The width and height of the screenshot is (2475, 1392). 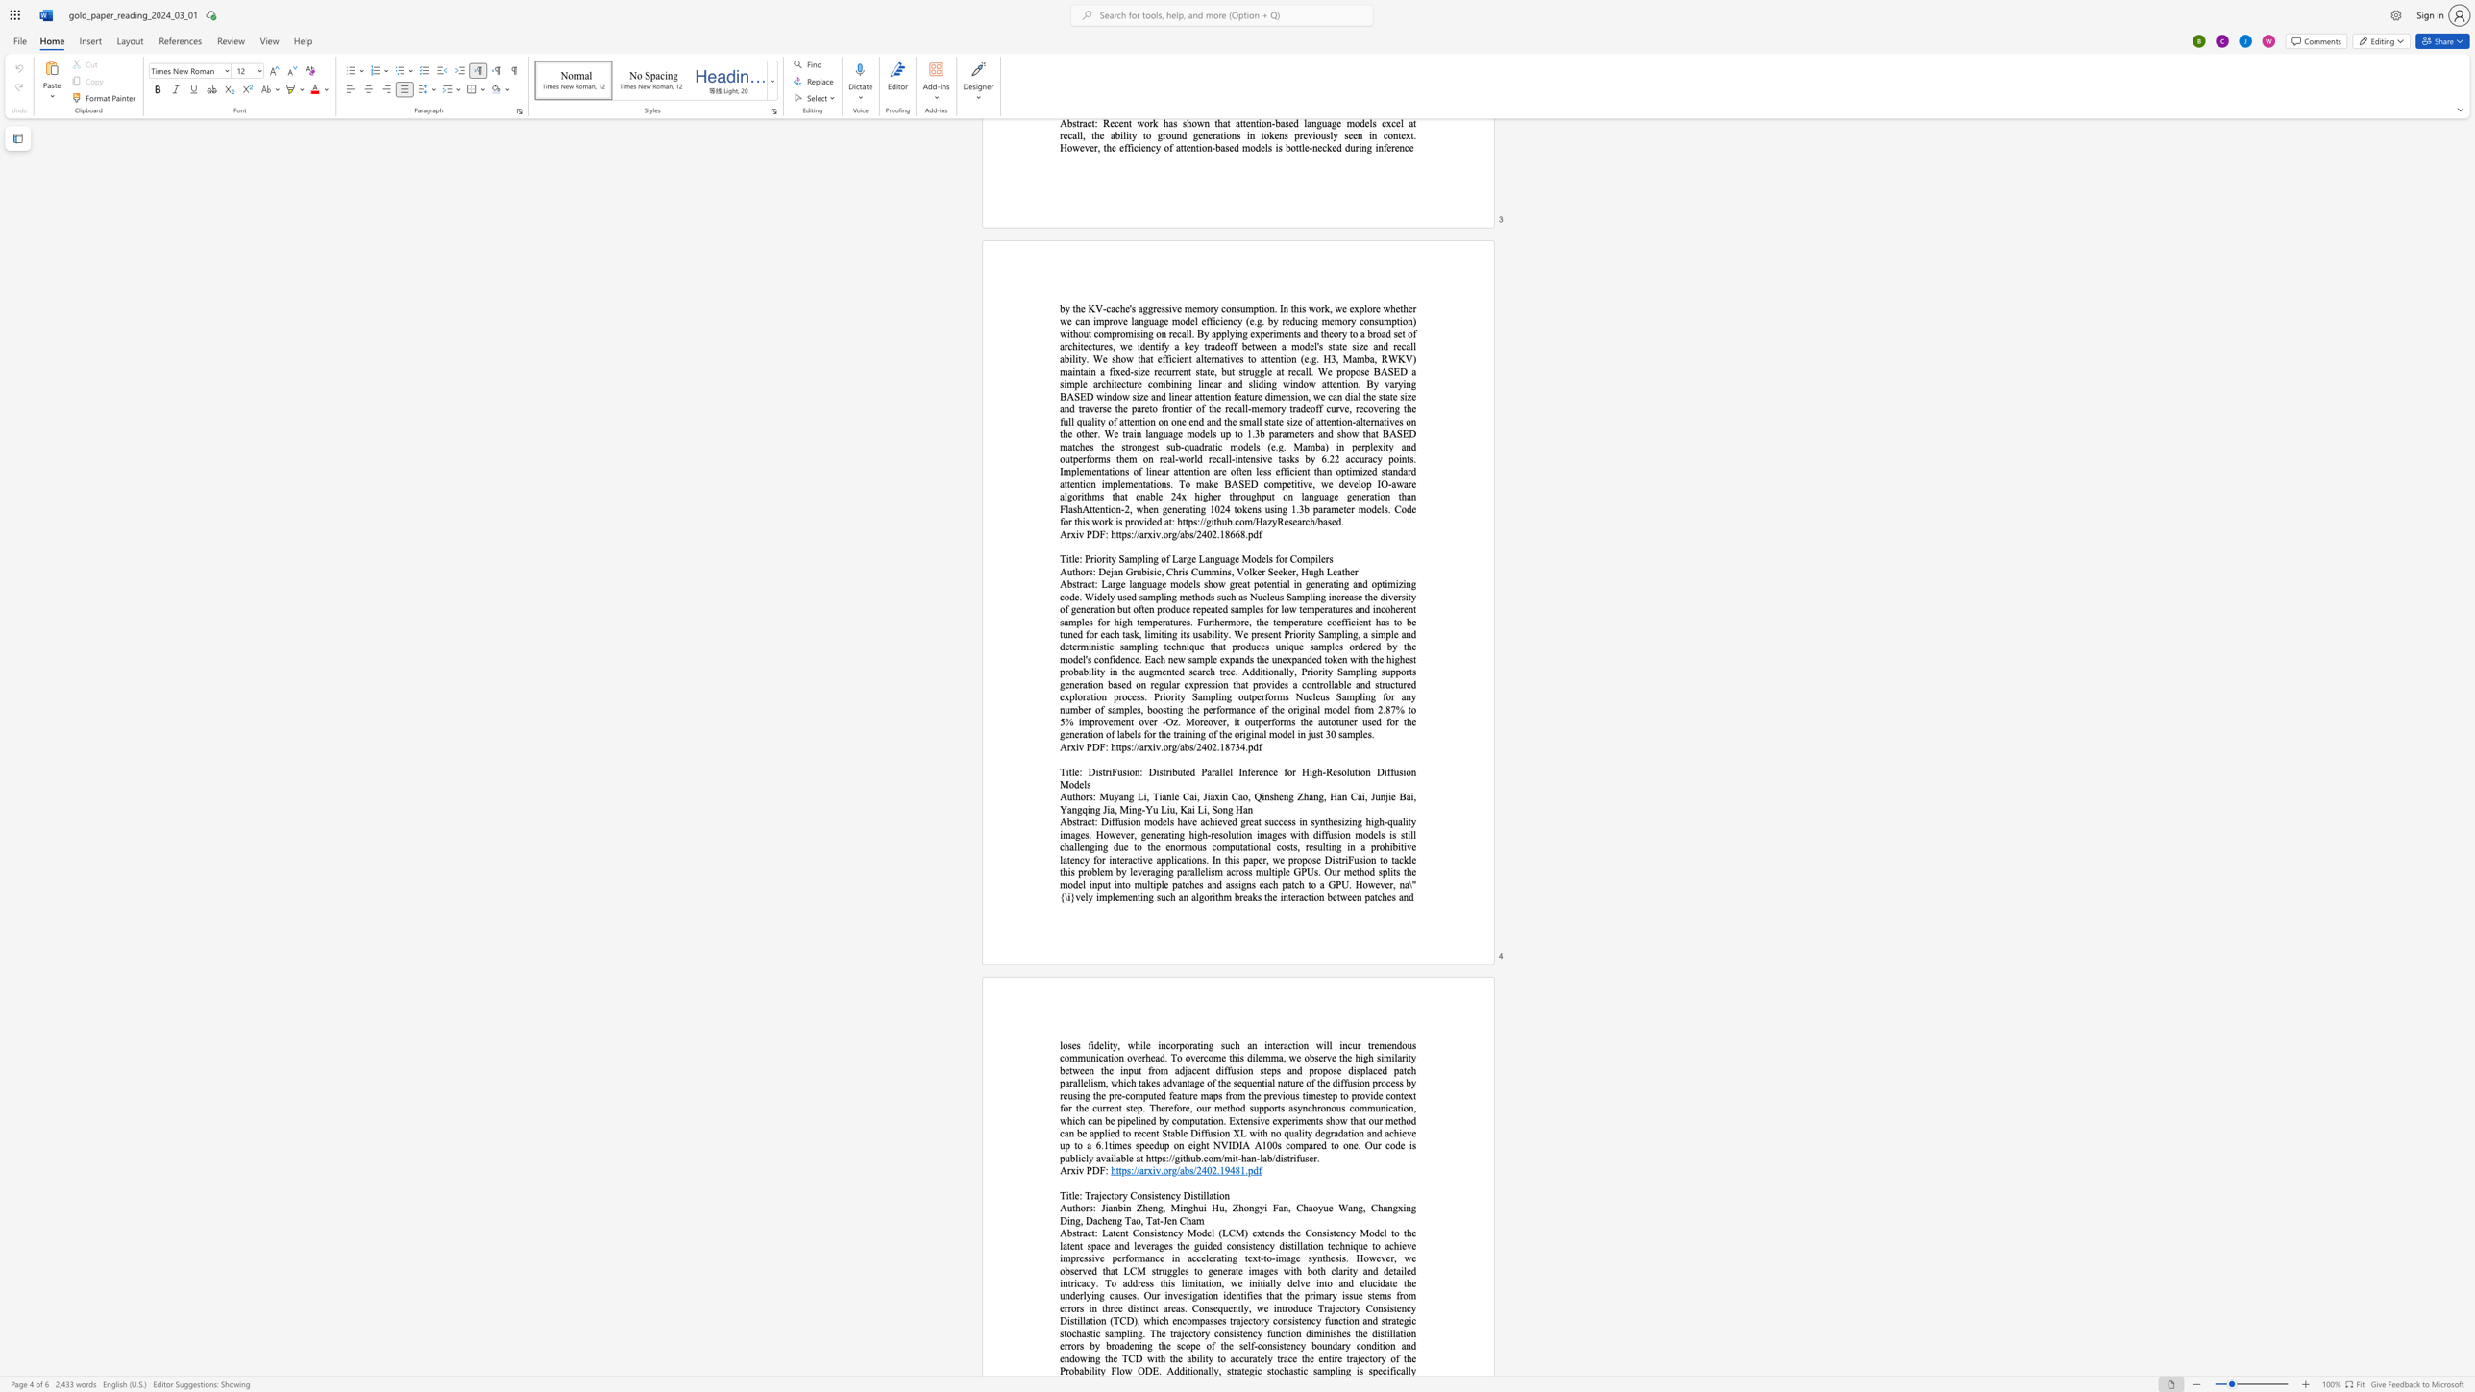 I want to click on the 1th character "J" in the text, so click(x=1204, y=796).